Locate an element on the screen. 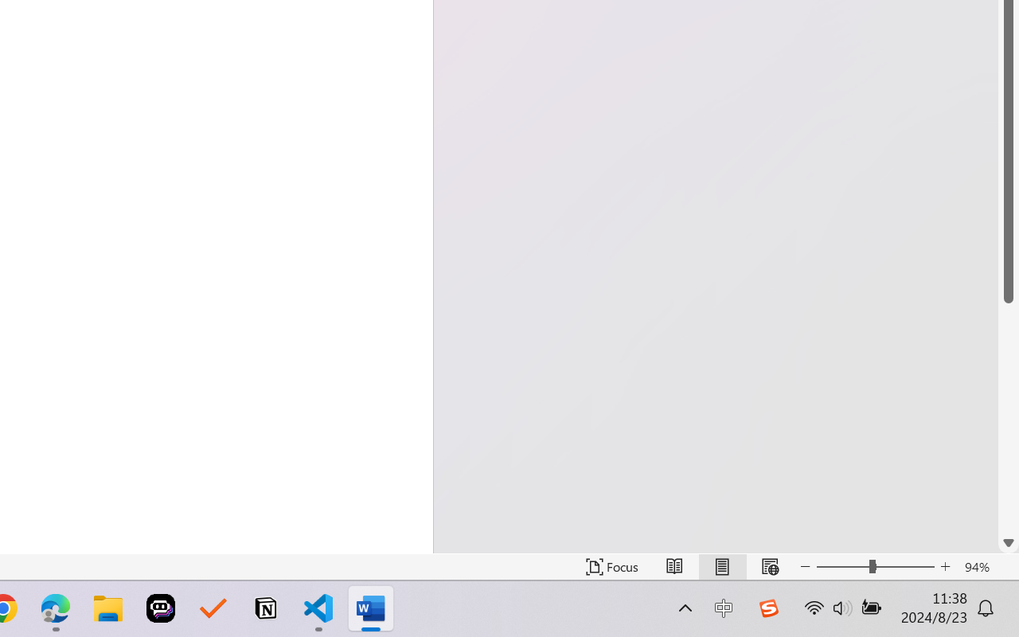 The height and width of the screenshot is (637, 1019). 'Line down' is located at coordinates (1008, 543).